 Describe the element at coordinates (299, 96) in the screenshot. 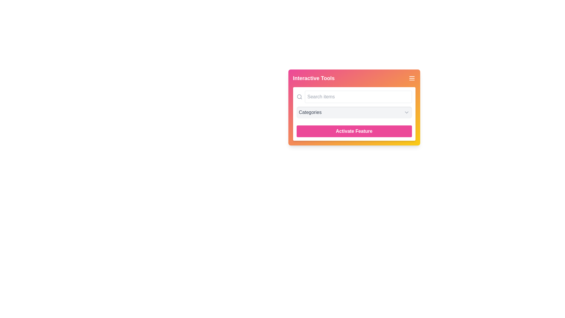

I see `the circular icon resembling a magnifying glass's lens, located on the left side of the search input field` at that location.